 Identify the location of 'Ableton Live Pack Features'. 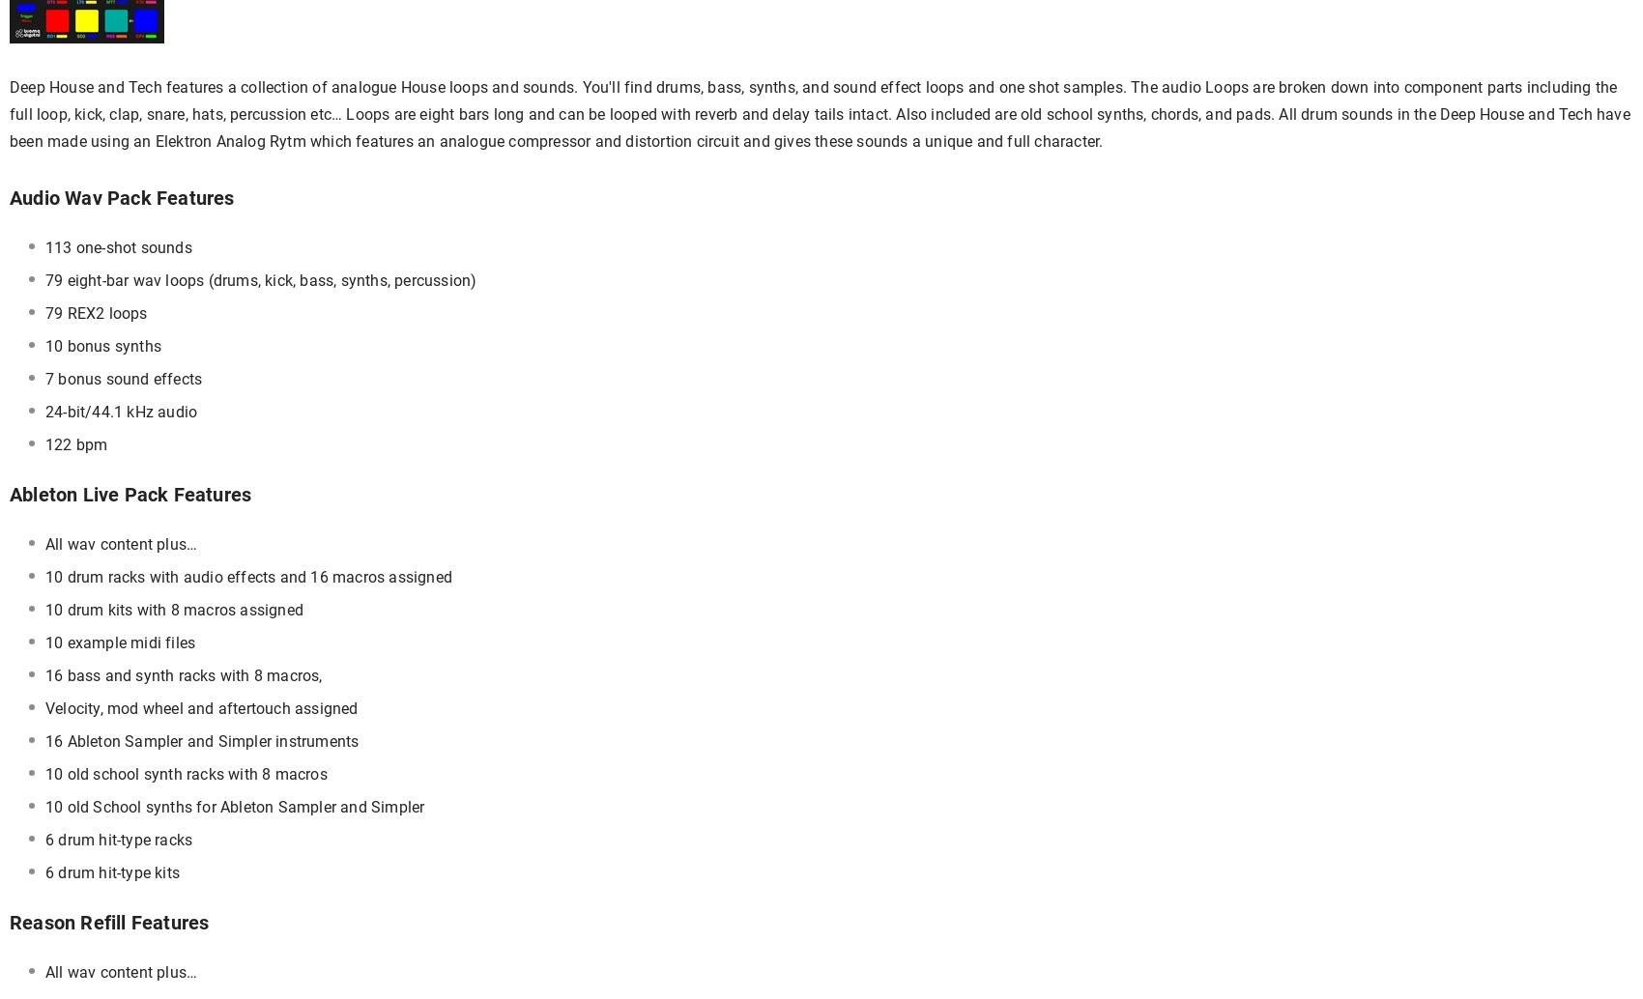
(129, 494).